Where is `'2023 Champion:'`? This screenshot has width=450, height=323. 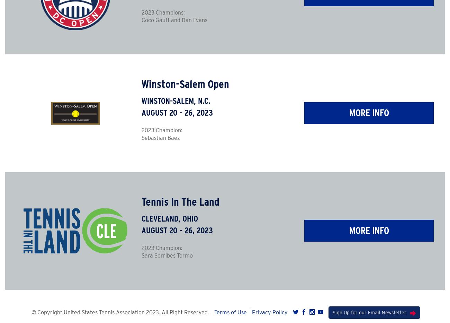
'2023 Champion:' is located at coordinates (161, 130).